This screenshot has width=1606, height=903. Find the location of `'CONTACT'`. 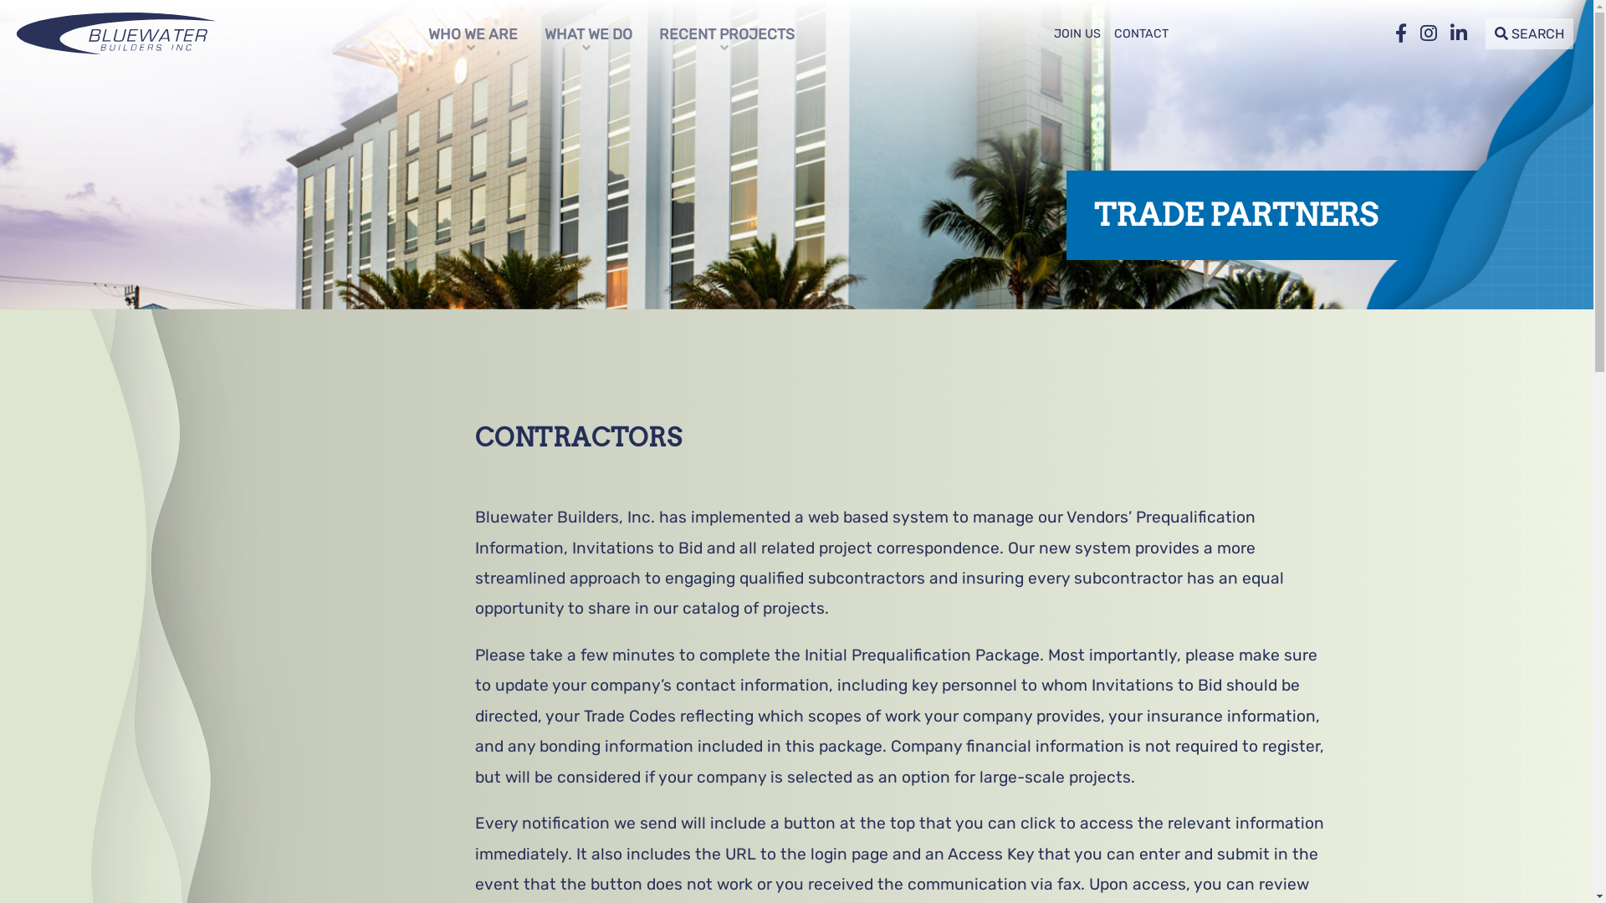

'CONTACT' is located at coordinates (1140, 34).